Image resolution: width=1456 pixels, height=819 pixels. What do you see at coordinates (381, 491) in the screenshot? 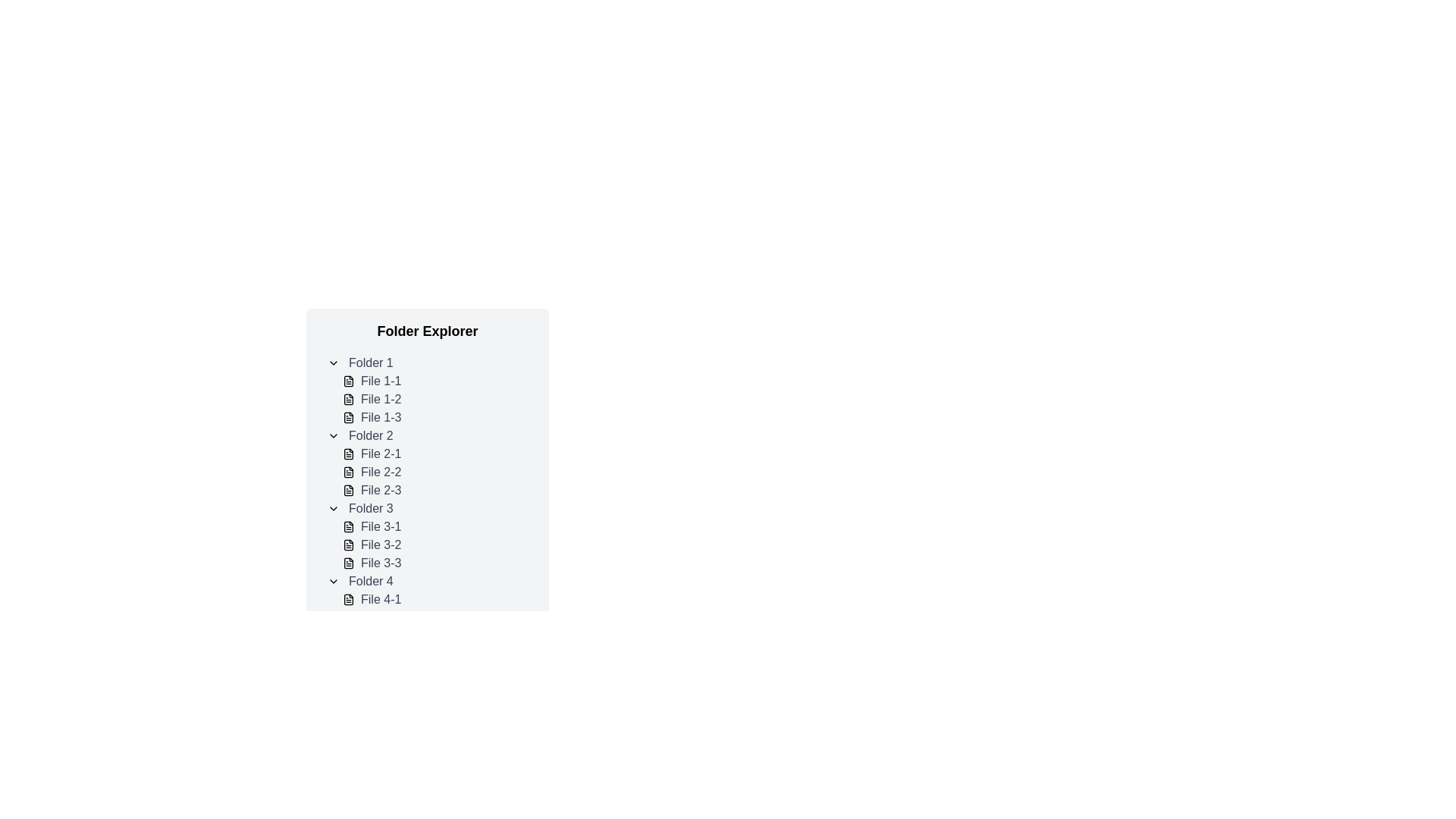
I see `the text label displaying 'File 2-3' in a gray font` at bounding box center [381, 491].